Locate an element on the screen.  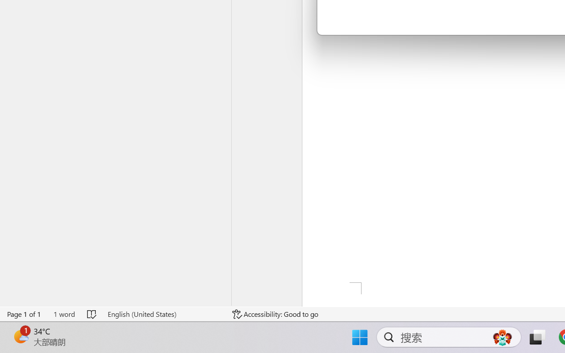
'AutomationID: BadgeAnchorLargeTicker' is located at coordinates (20, 336).